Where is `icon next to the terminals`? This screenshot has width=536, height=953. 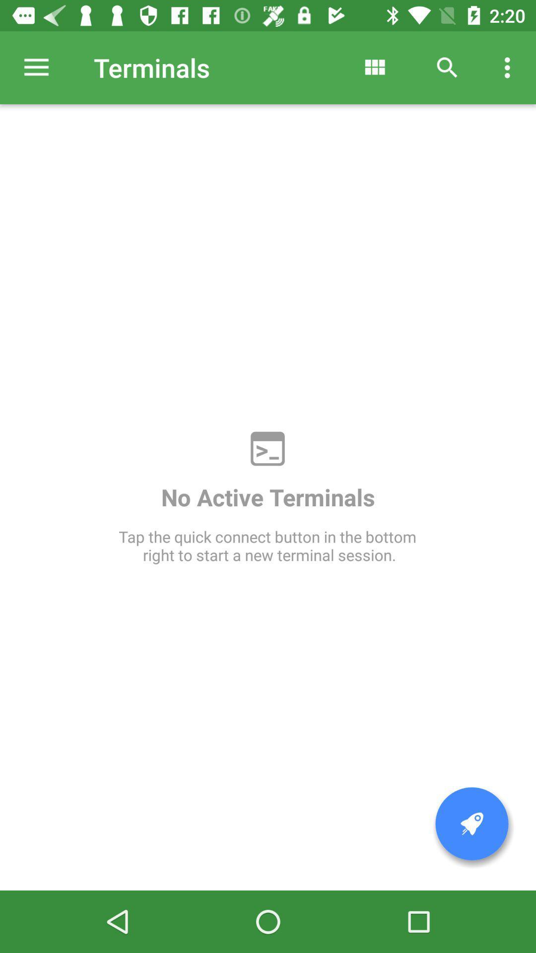 icon next to the terminals is located at coordinates (36, 67).